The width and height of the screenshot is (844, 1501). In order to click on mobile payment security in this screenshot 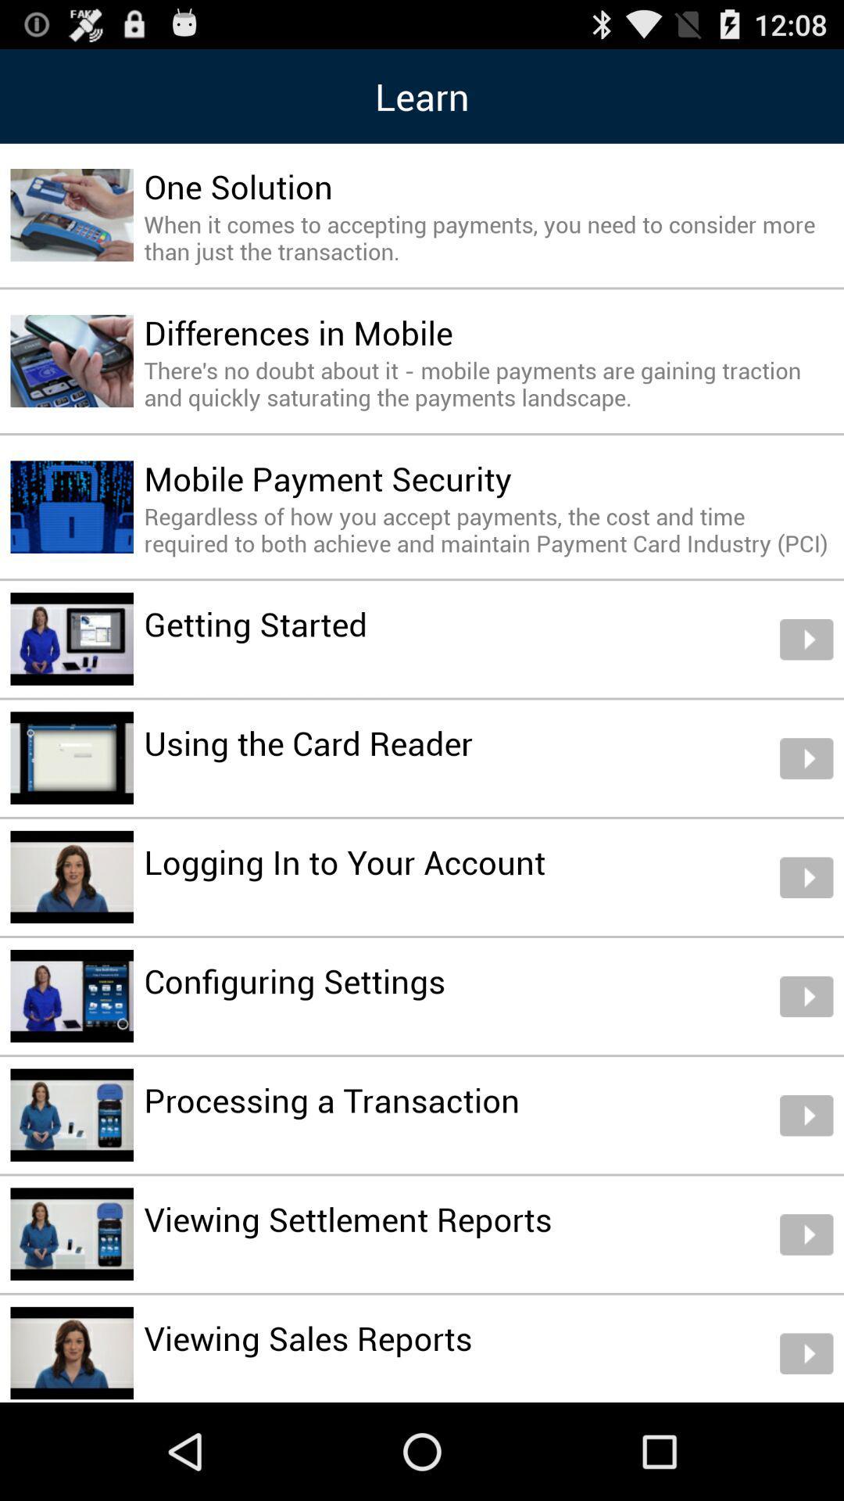, I will do `click(327, 478)`.